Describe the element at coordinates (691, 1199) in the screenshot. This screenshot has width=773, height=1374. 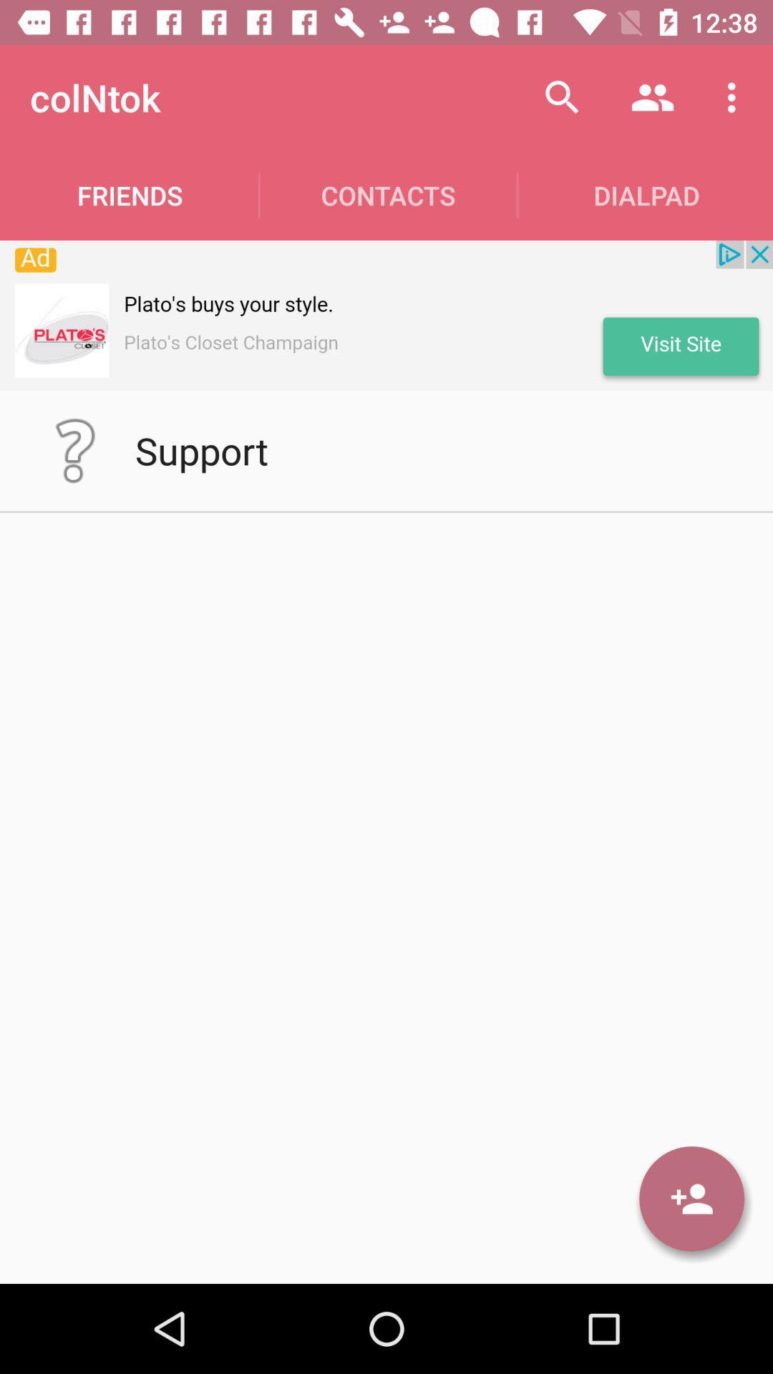
I see `a new contact` at that location.